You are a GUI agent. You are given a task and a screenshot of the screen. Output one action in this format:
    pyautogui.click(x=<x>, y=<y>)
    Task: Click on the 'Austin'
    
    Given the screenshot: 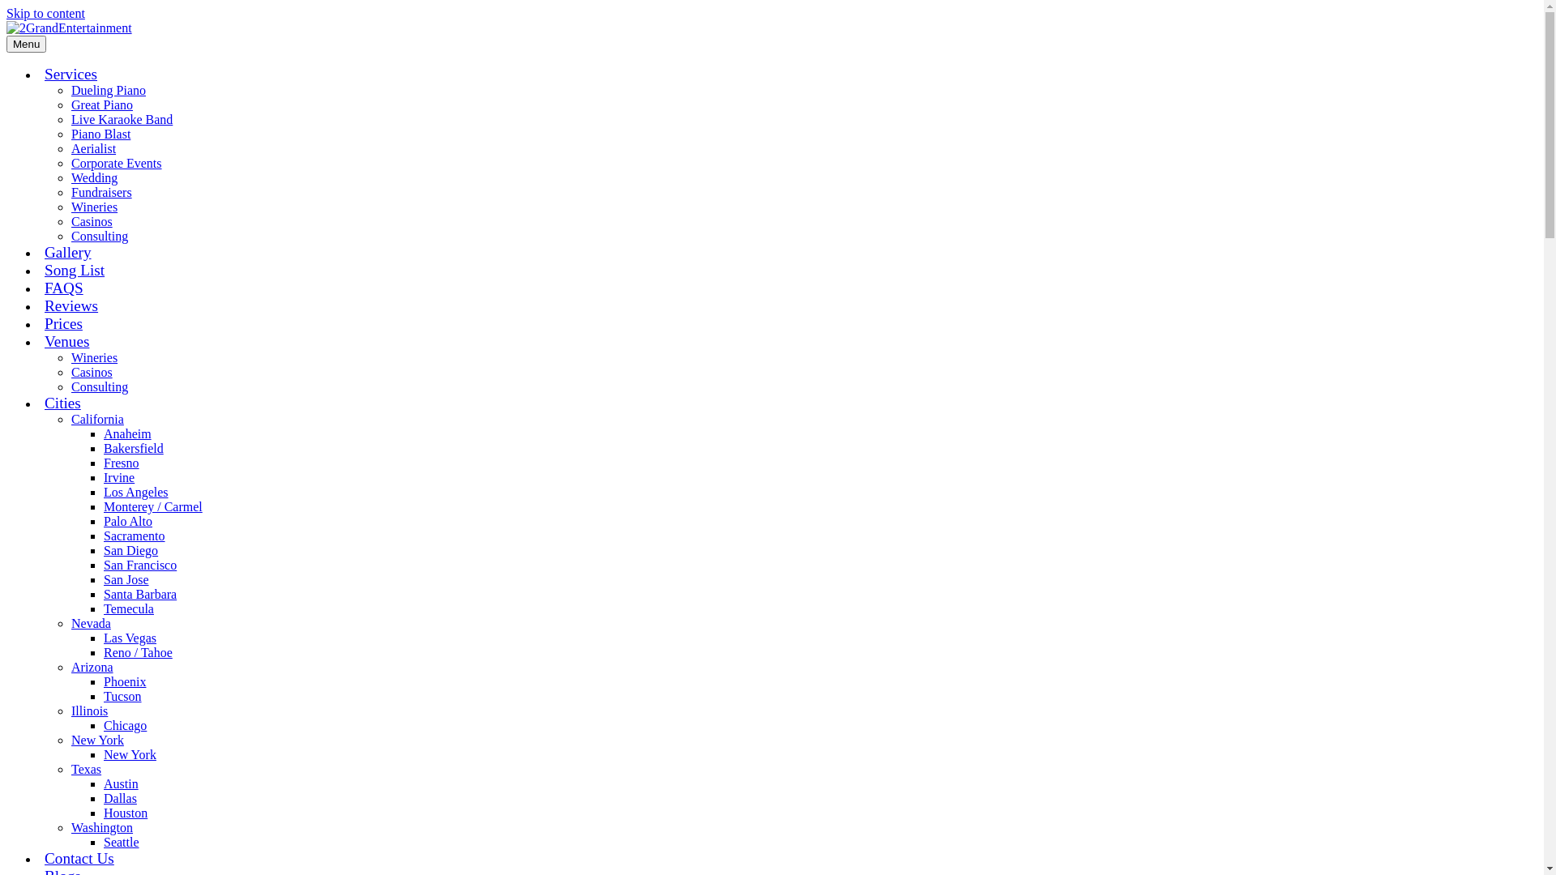 What is the action you would take?
    pyautogui.click(x=120, y=783)
    